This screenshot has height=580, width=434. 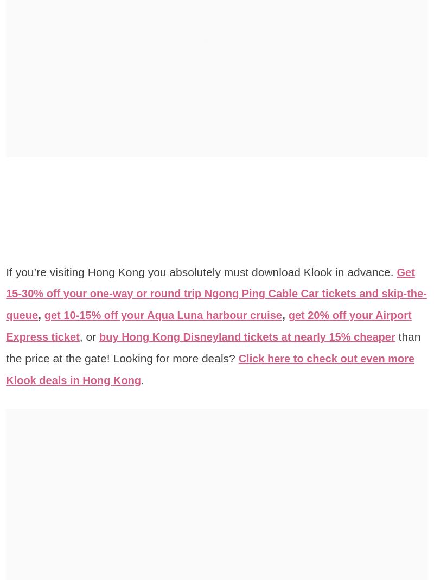 I want to click on 'buy Hong Kong Disneyland tickets at nearly 15% cheaper', so click(x=206, y=347).